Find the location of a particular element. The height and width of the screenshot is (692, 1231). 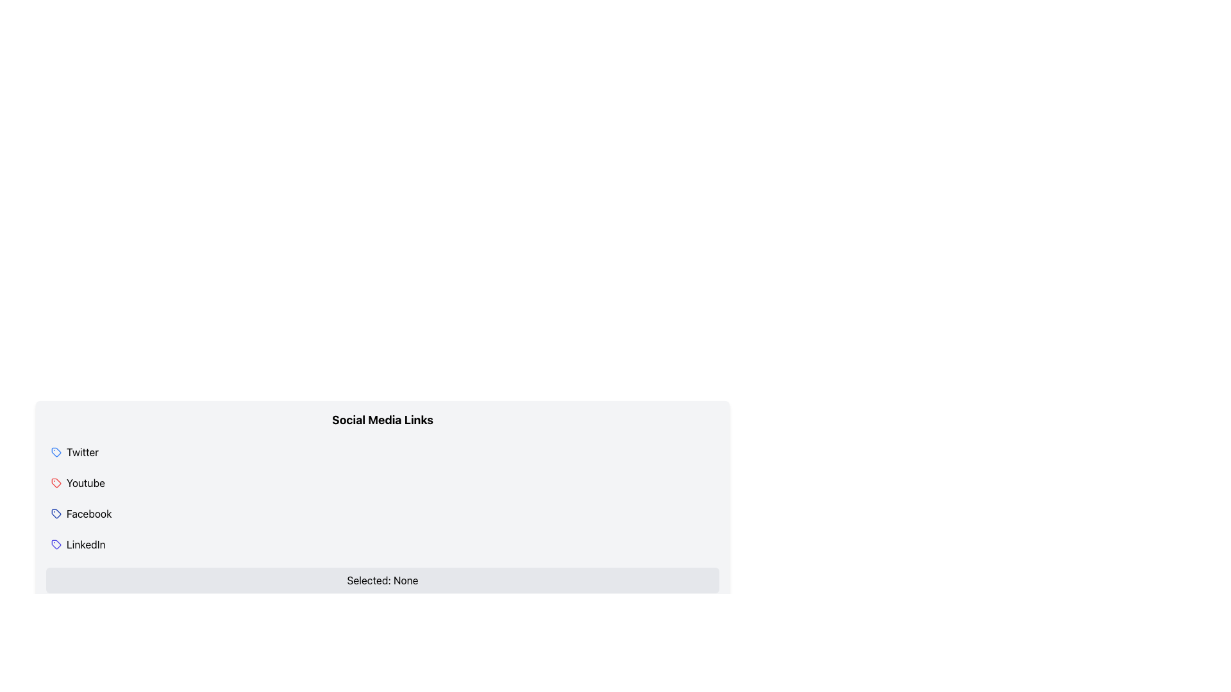

the blue-colored tag-like icon with a thin outline located to the left of the text 'Twitter' in the 'Social Media Links' list is located at coordinates (55, 451).